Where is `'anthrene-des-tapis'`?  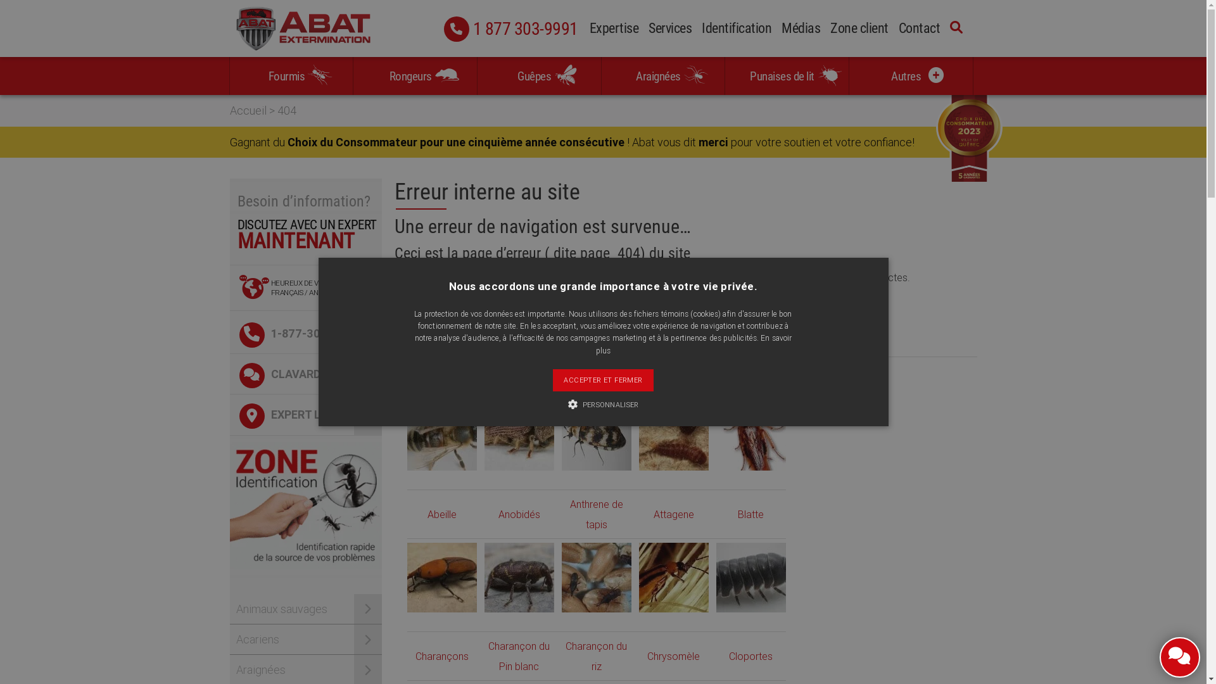
'anthrene-des-tapis' is located at coordinates (560, 434).